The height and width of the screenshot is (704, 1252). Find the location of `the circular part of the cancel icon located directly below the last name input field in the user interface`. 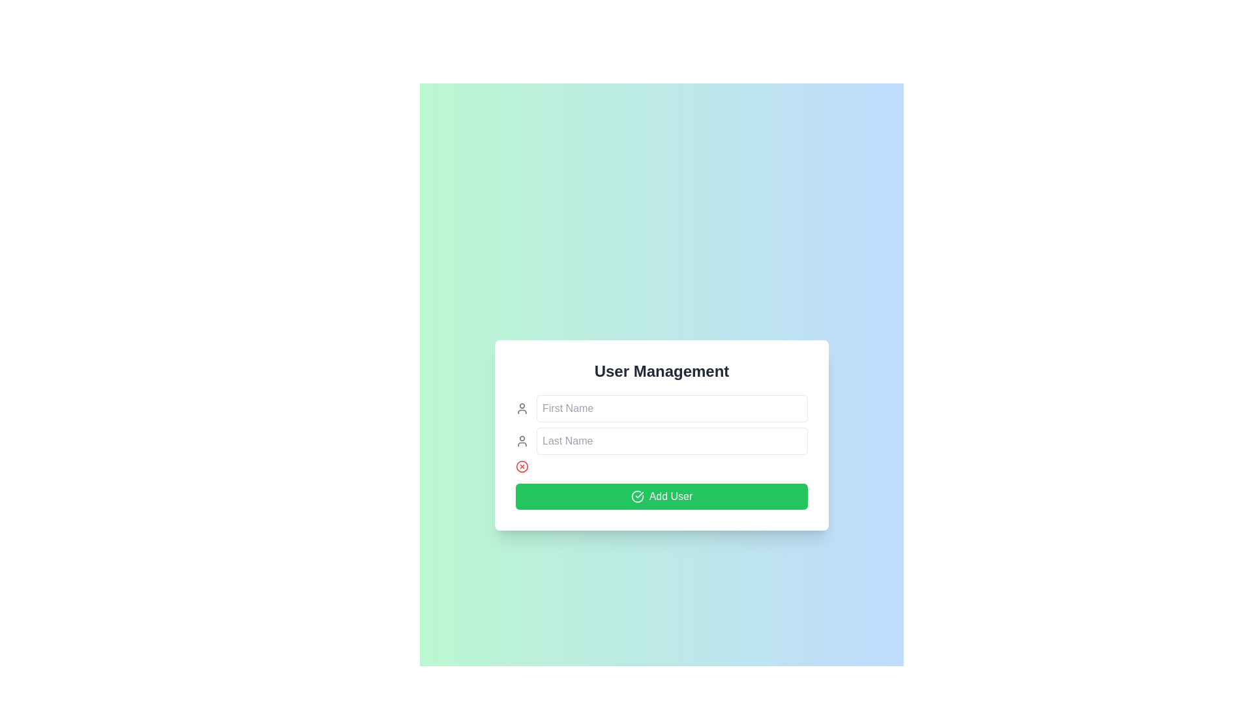

the circular part of the cancel icon located directly below the last name input field in the user interface is located at coordinates (522, 466).